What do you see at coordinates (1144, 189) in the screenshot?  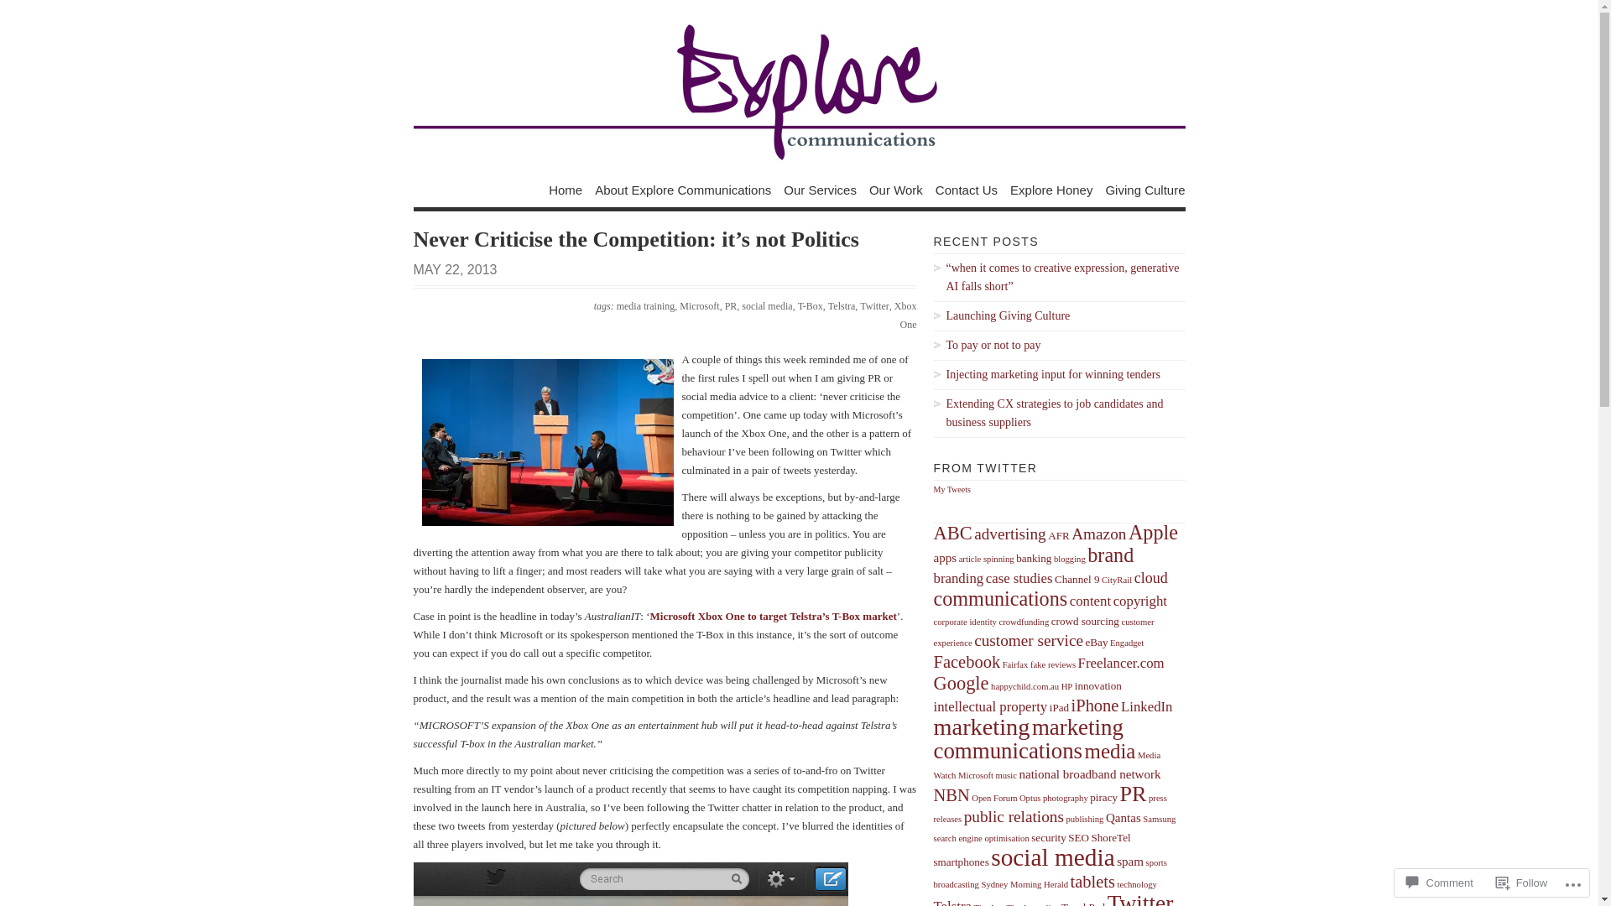 I see `'Giving Culture'` at bounding box center [1144, 189].